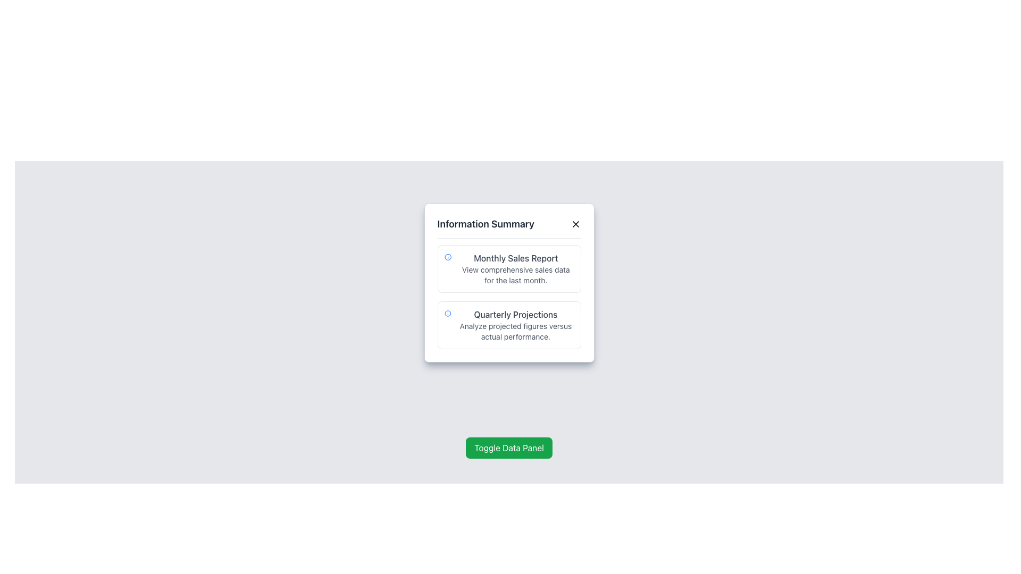 The width and height of the screenshot is (1021, 574). I want to click on the static text providing descriptive information about the 'Monthly Sales Report', positioned directly below the title text within a card-like component, so click(516, 274).